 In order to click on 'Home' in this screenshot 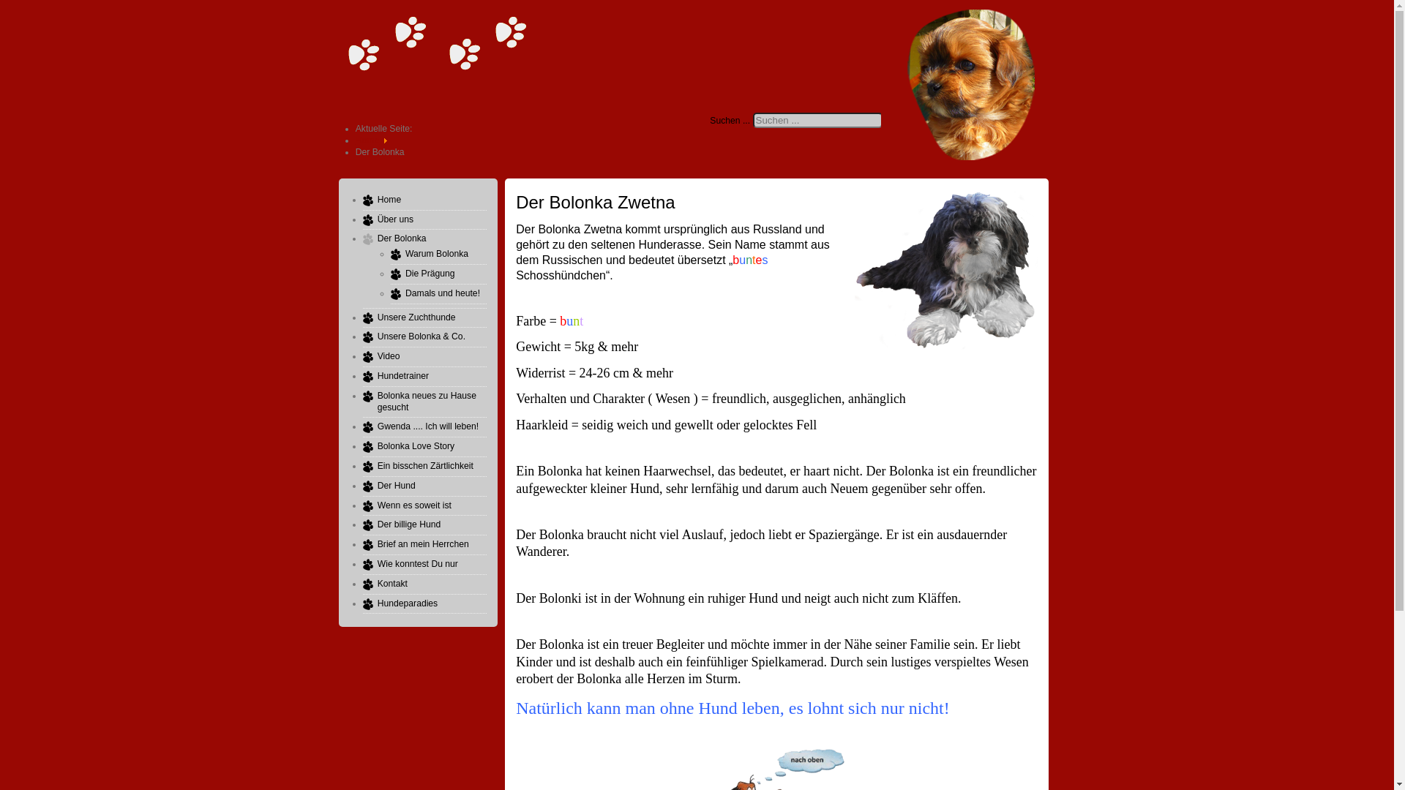, I will do `click(389, 200)`.